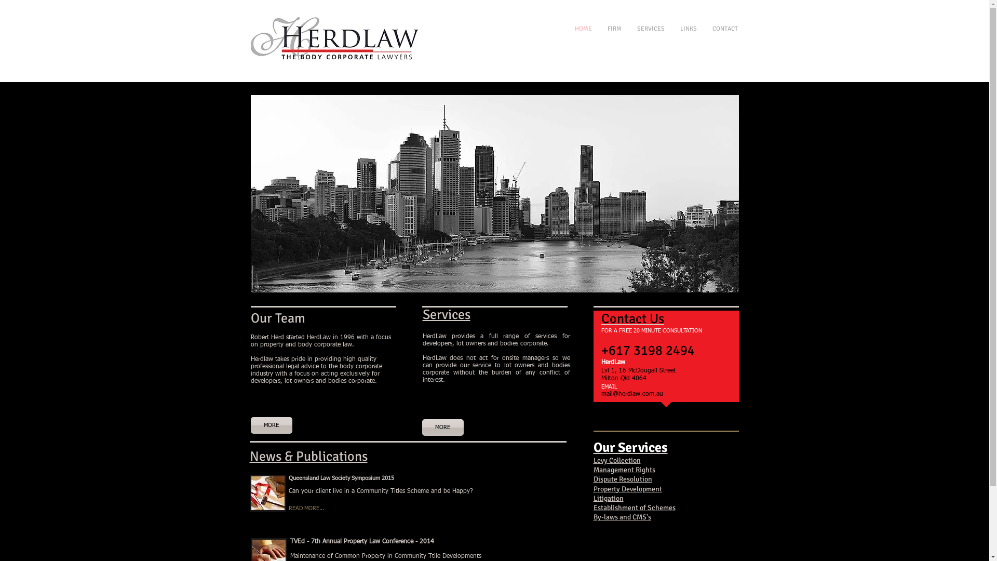 The image size is (997, 561). What do you see at coordinates (617, 29) in the screenshot?
I see `'HOME'` at bounding box center [617, 29].